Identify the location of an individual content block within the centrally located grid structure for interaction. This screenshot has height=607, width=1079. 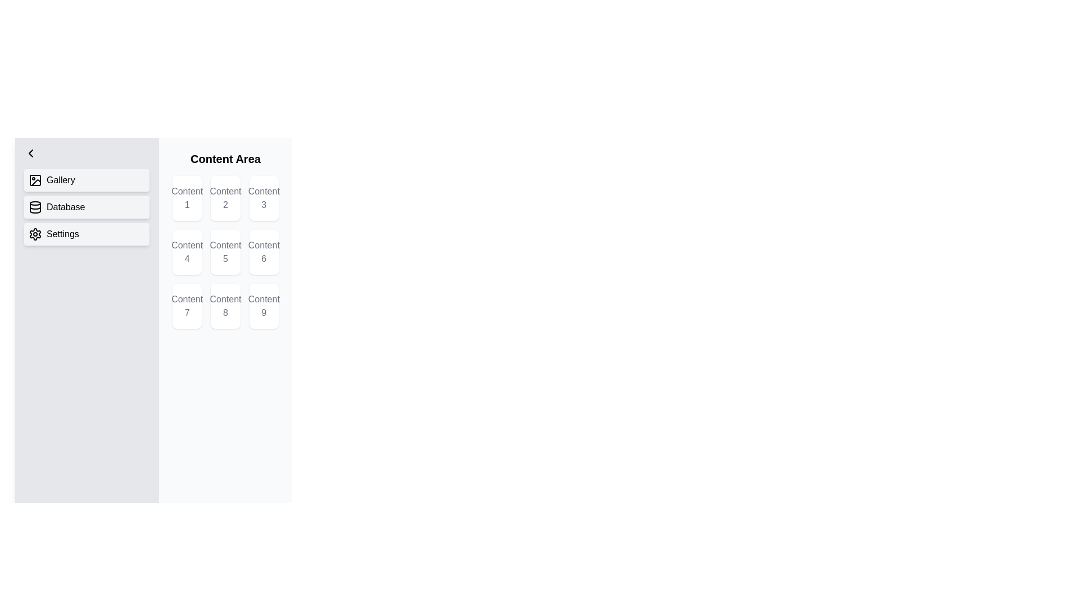
(225, 251).